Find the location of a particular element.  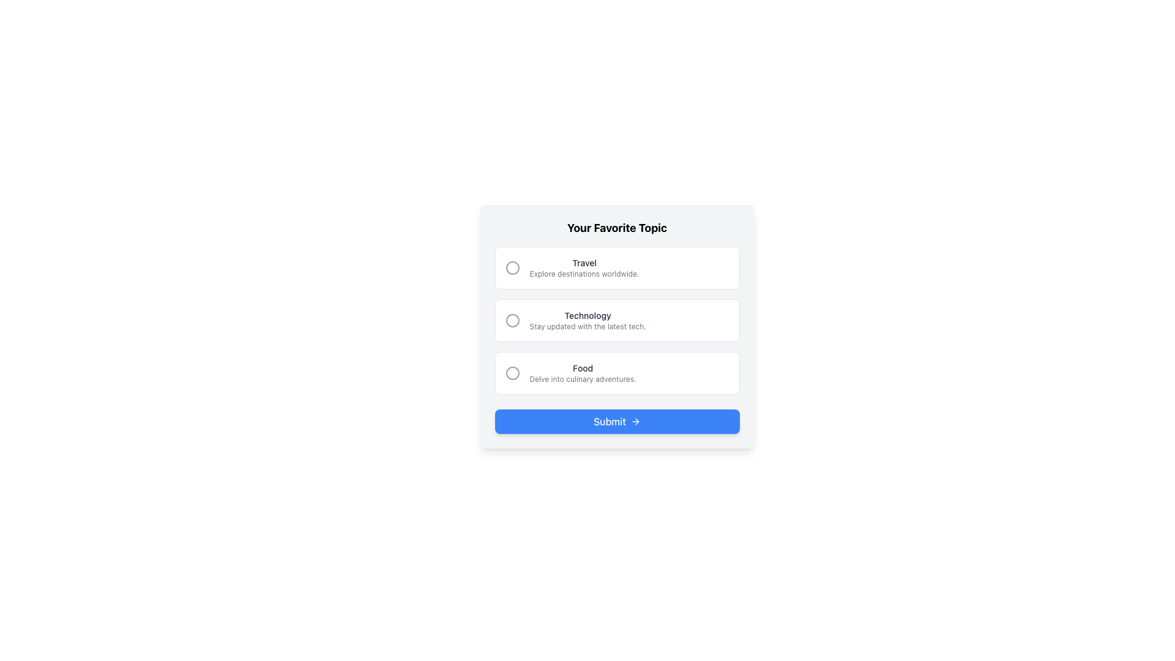

the text that provides information about the 'Food' topic located in the third option box of the 'Your Favorite Topic' list, positioned below 'Travel' and 'Technology' and above the 'Submit' button is located at coordinates (582, 372).